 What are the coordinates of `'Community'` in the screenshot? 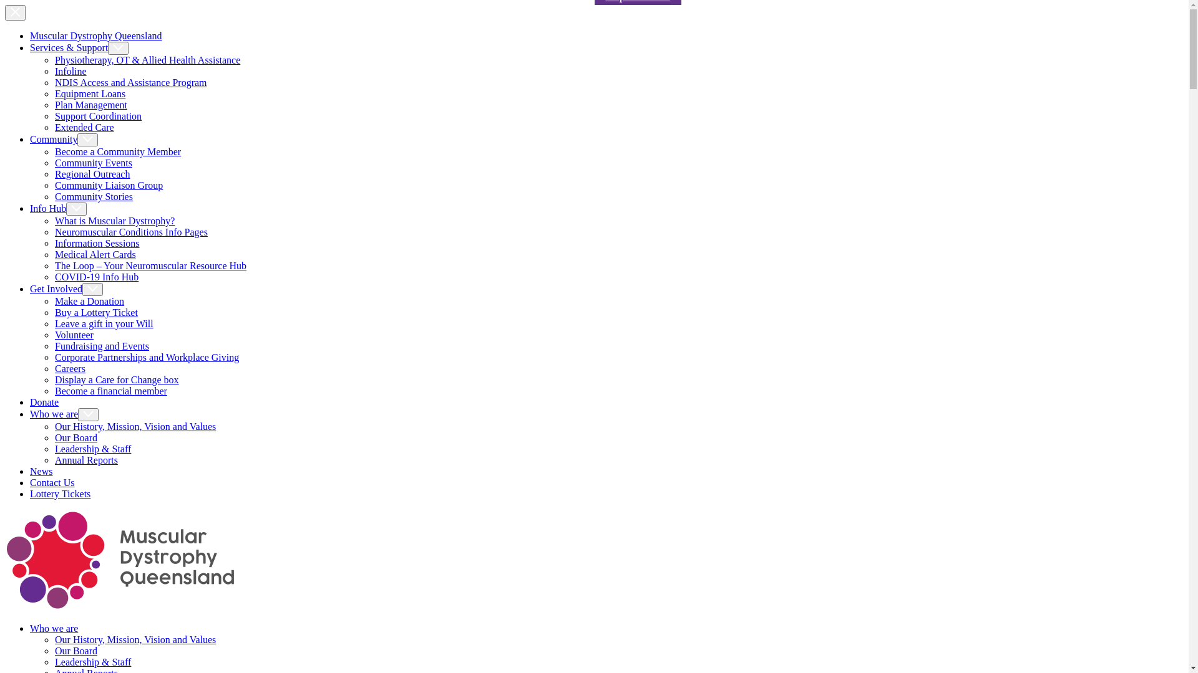 It's located at (30, 139).